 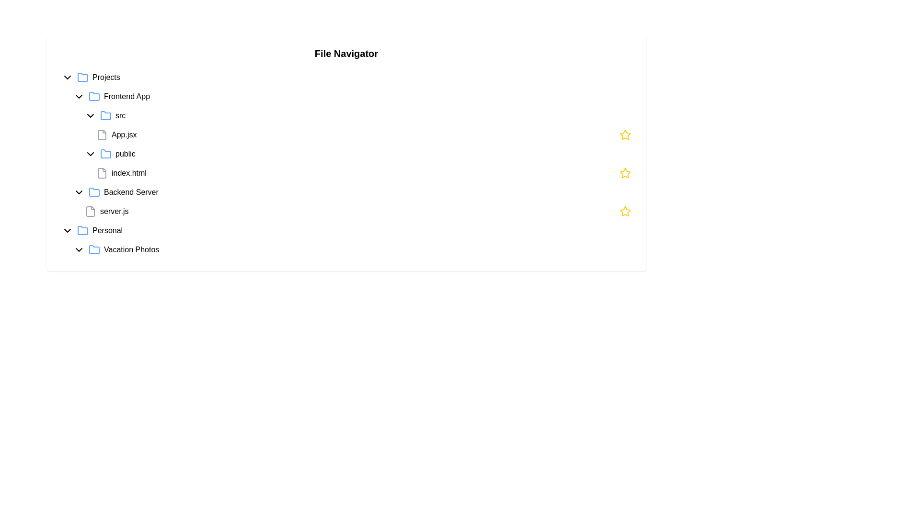 I want to click on the blue folder icon associated with the 'Frontend App' label, so click(x=94, y=96).